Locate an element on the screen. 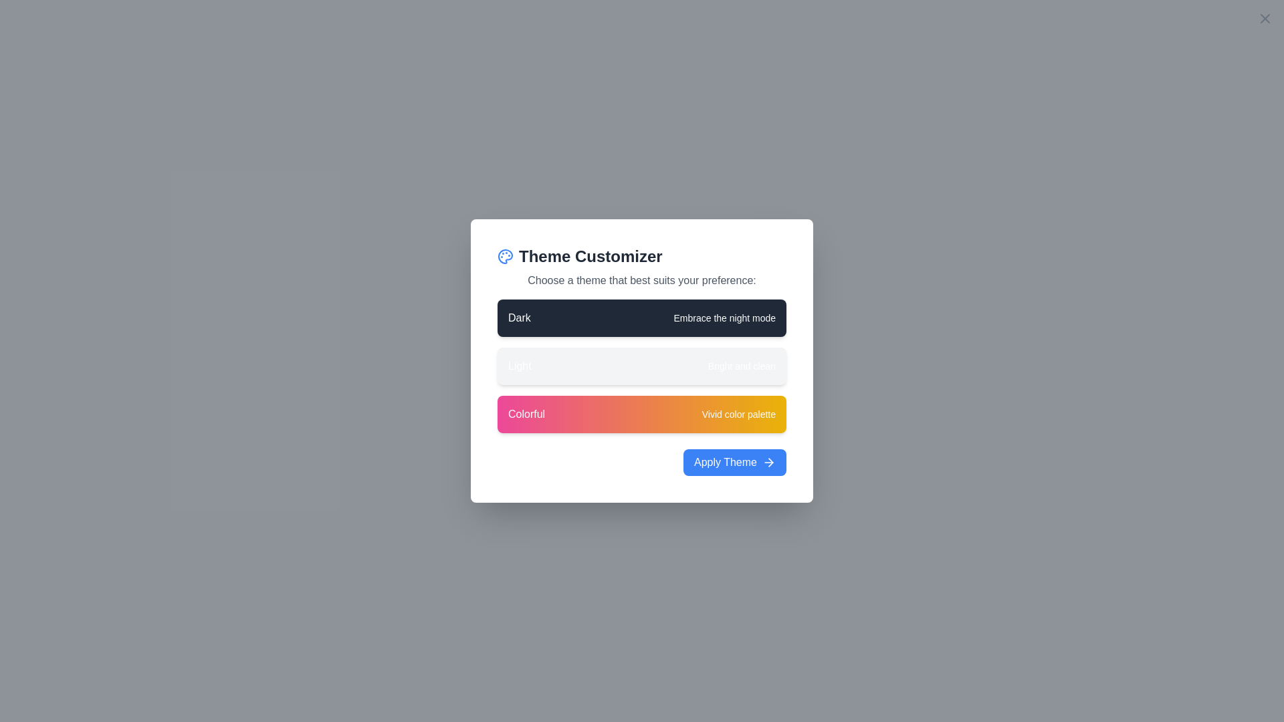  the button in the 'Theme Customizer' modal located at the bottom-right corner is located at coordinates (734, 461).